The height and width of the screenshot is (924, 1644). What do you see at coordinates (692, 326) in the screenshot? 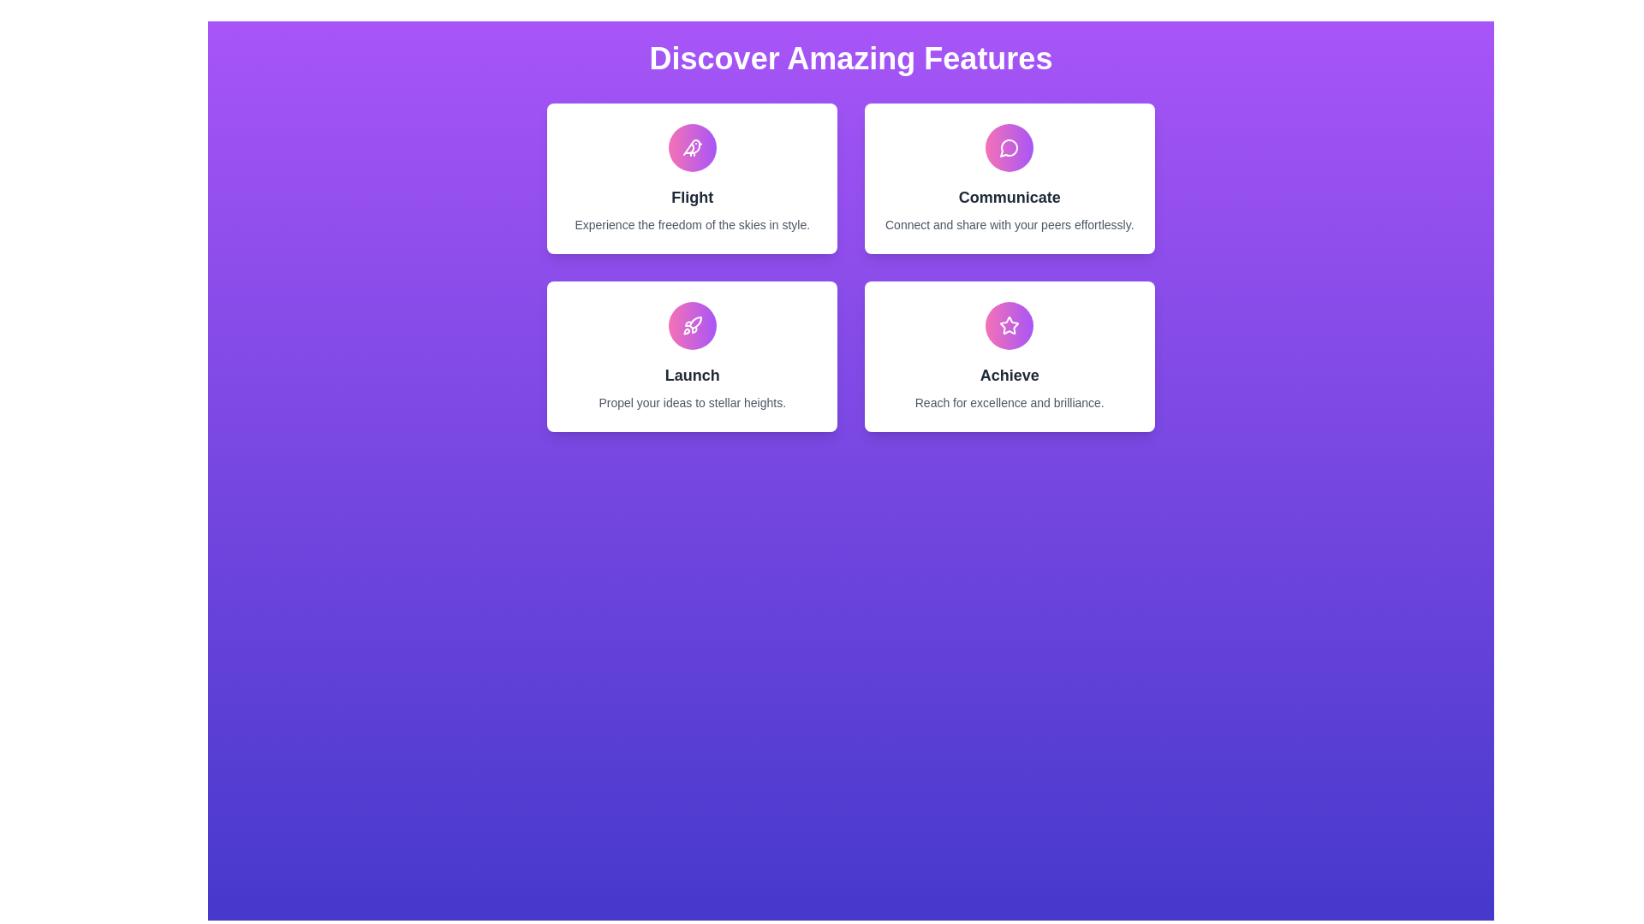
I see `the circular button with a gradient background and a white rocket icon, located in the 'Launch' section of the interface` at bounding box center [692, 326].